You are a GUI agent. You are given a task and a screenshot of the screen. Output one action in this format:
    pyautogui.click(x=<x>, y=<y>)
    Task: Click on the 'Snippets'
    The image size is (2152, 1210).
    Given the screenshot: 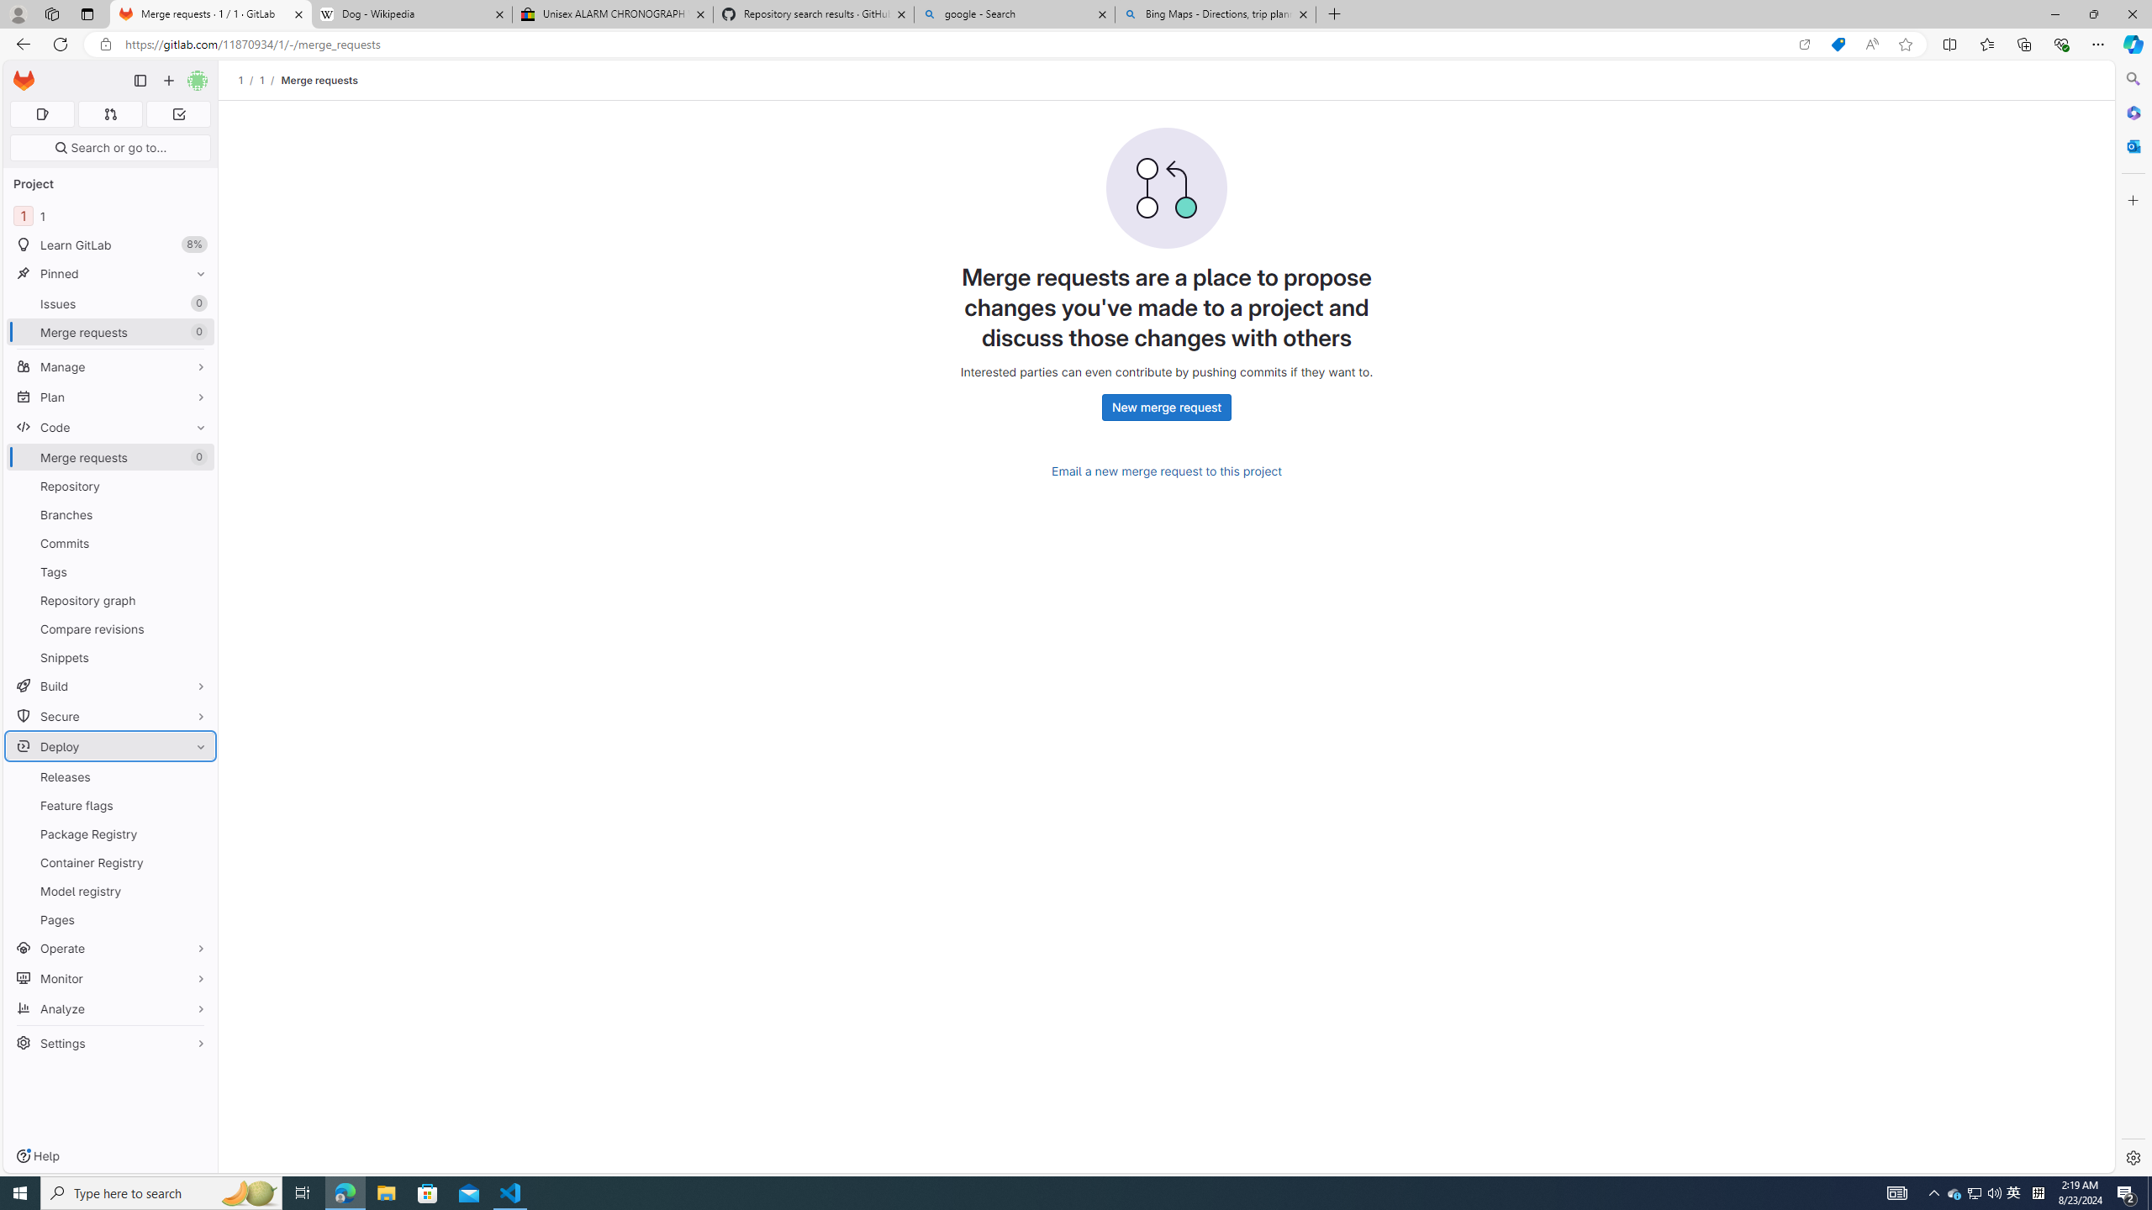 What is the action you would take?
    pyautogui.click(x=109, y=656)
    